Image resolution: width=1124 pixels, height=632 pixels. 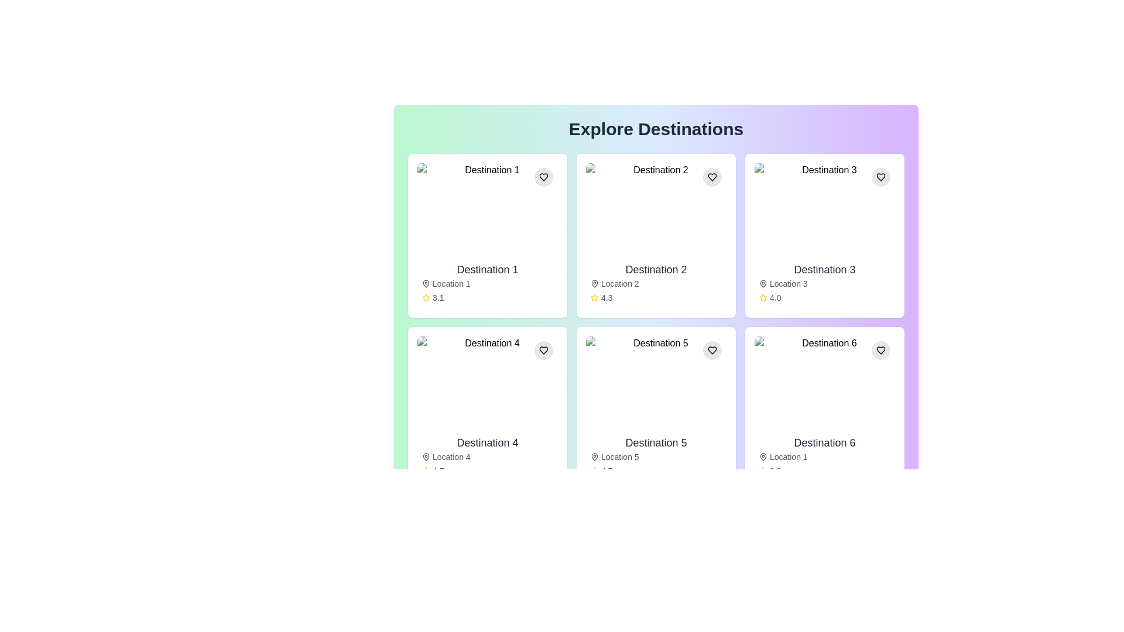 I want to click on the fifth information card in the grid layout to read the details about the specific location or item, so click(x=656, y=408).